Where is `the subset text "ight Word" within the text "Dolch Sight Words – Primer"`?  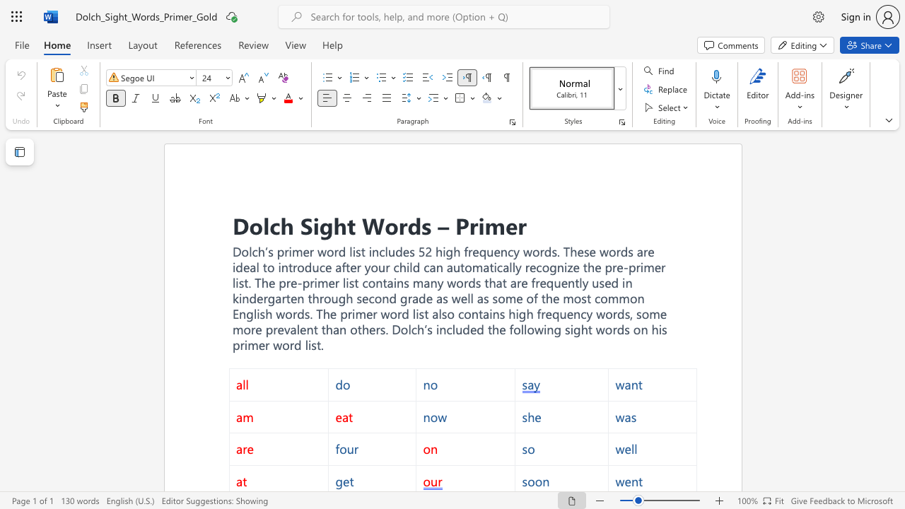
the subset text "ight Word" within the text "Dolch Sight Words – Primer" is located at coordinates (312, 224).